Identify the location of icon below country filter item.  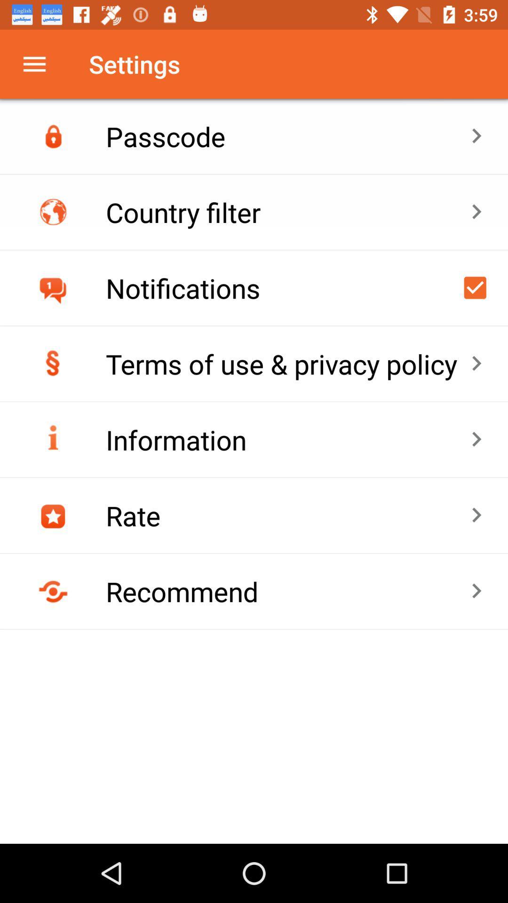
(475, 287).